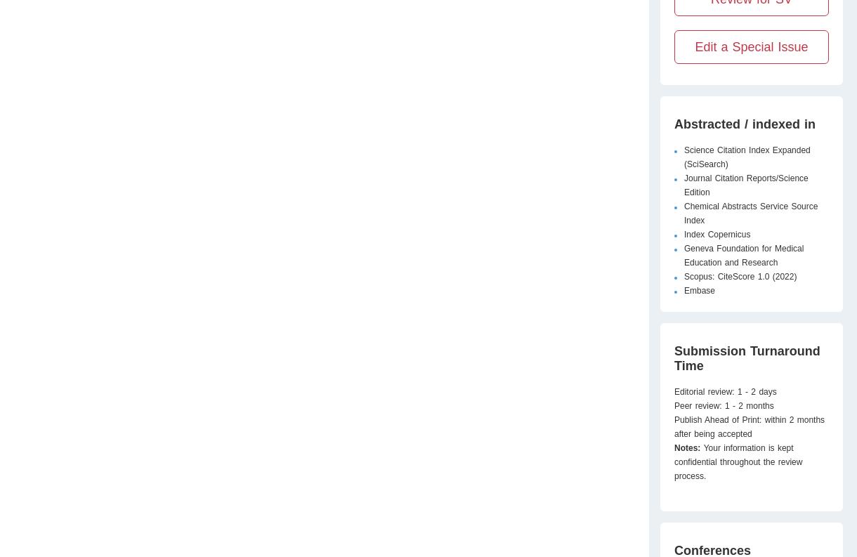  I want to click on 'Notes:', so click(688, 447).